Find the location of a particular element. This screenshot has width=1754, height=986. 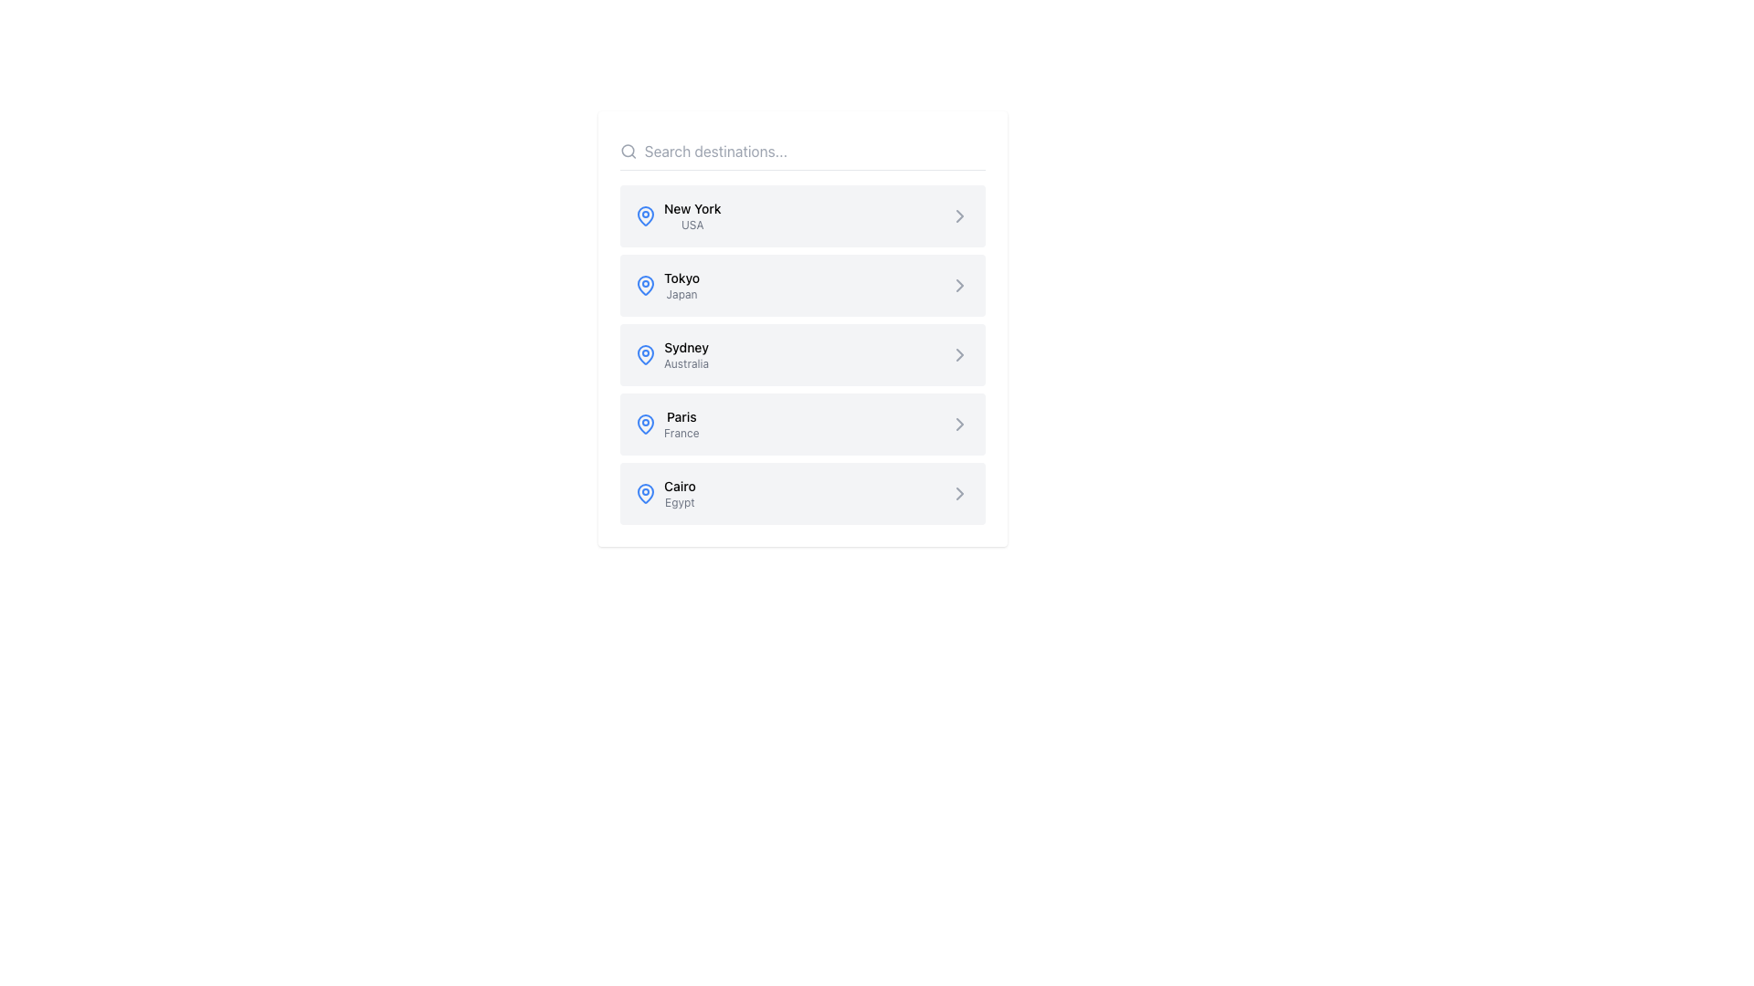

the search icon located at the top-left of the search input field, which visually indicates the search functionality is located at coordinates (629, 150).